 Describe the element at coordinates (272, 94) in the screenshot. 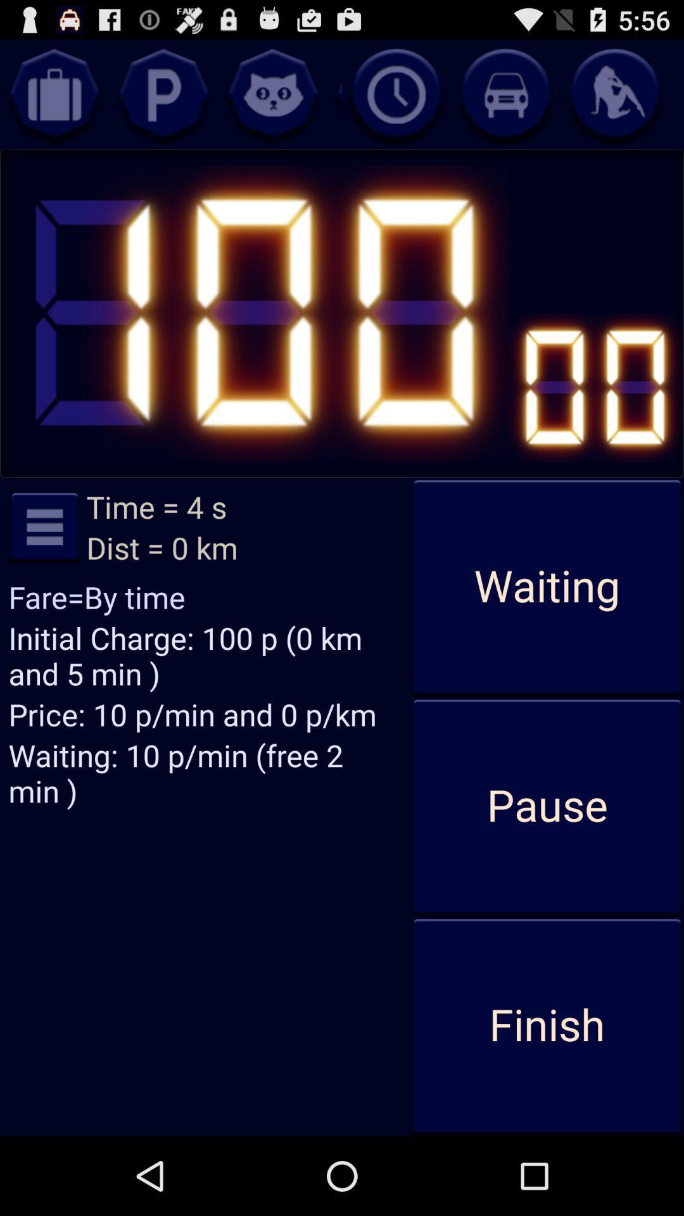

I see `go back` at that location.